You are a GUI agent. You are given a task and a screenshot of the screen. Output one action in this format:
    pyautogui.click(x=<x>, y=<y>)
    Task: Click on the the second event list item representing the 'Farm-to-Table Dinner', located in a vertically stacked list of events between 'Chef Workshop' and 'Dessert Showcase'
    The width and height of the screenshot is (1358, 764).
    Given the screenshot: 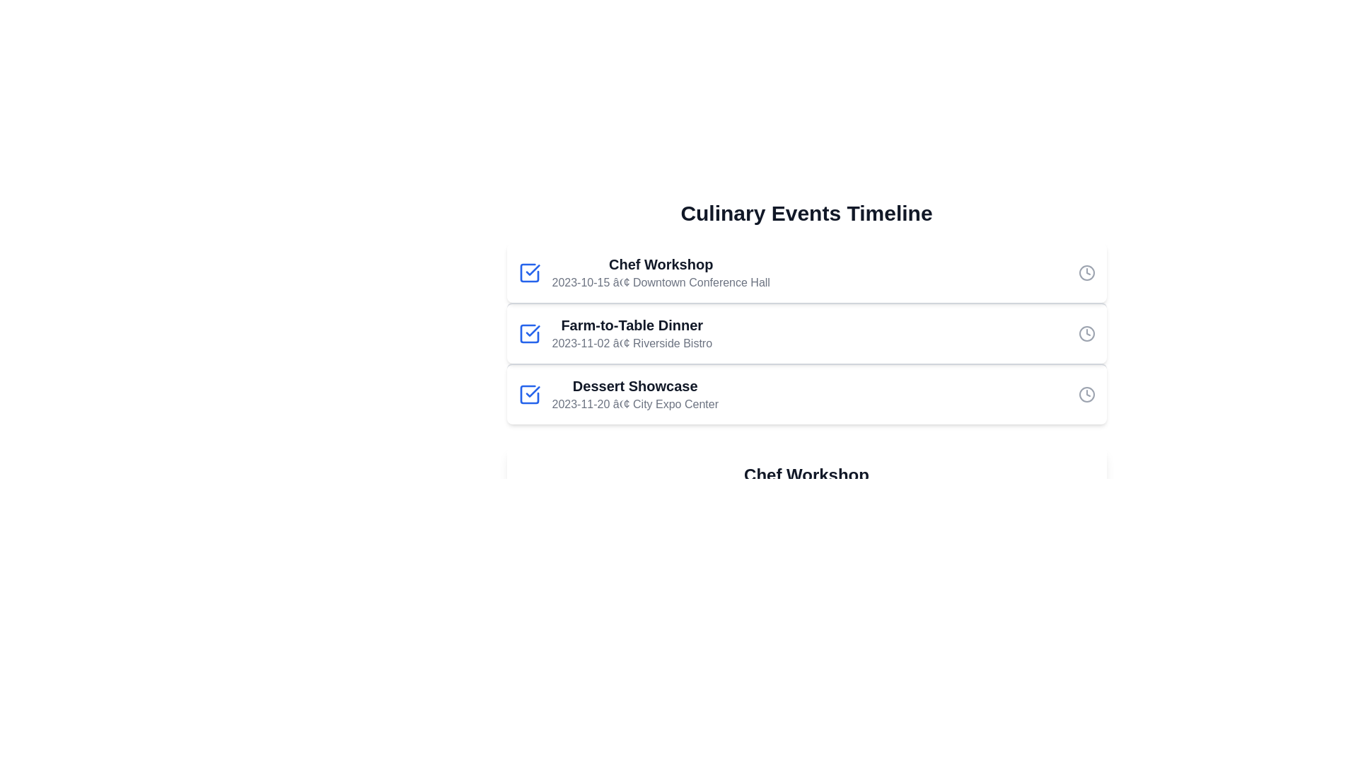 What is the action you would take?
    pyautogui.click(x=806, y=332)
    